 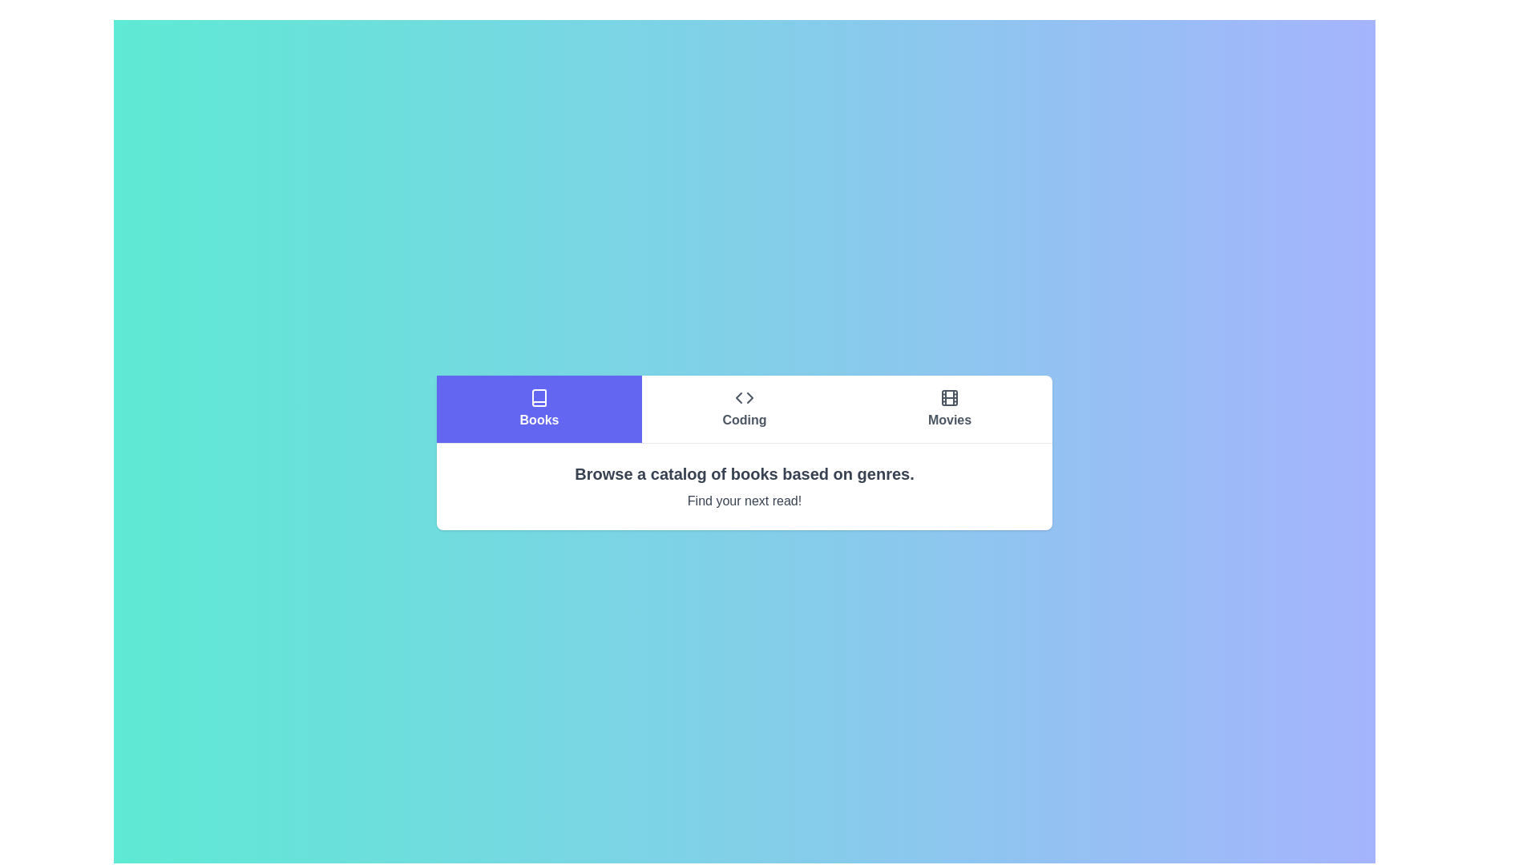 What do you see at coordinates (950, 408) in the screenshot?
I see `the Movies tab by clicking on the corresponding button` at bounding box center [950, 408].